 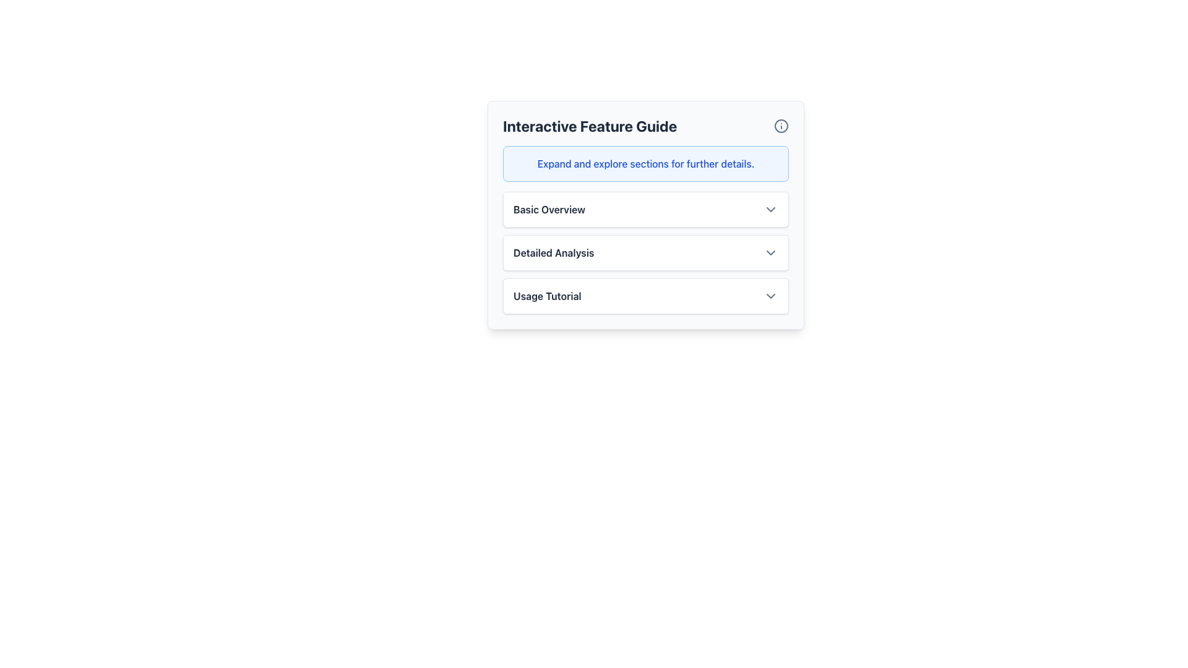 I want to click on the chevron of the Dropdown menu toggle at the top of the 'Interactive Feature Guide', so click(x=645, y=209).